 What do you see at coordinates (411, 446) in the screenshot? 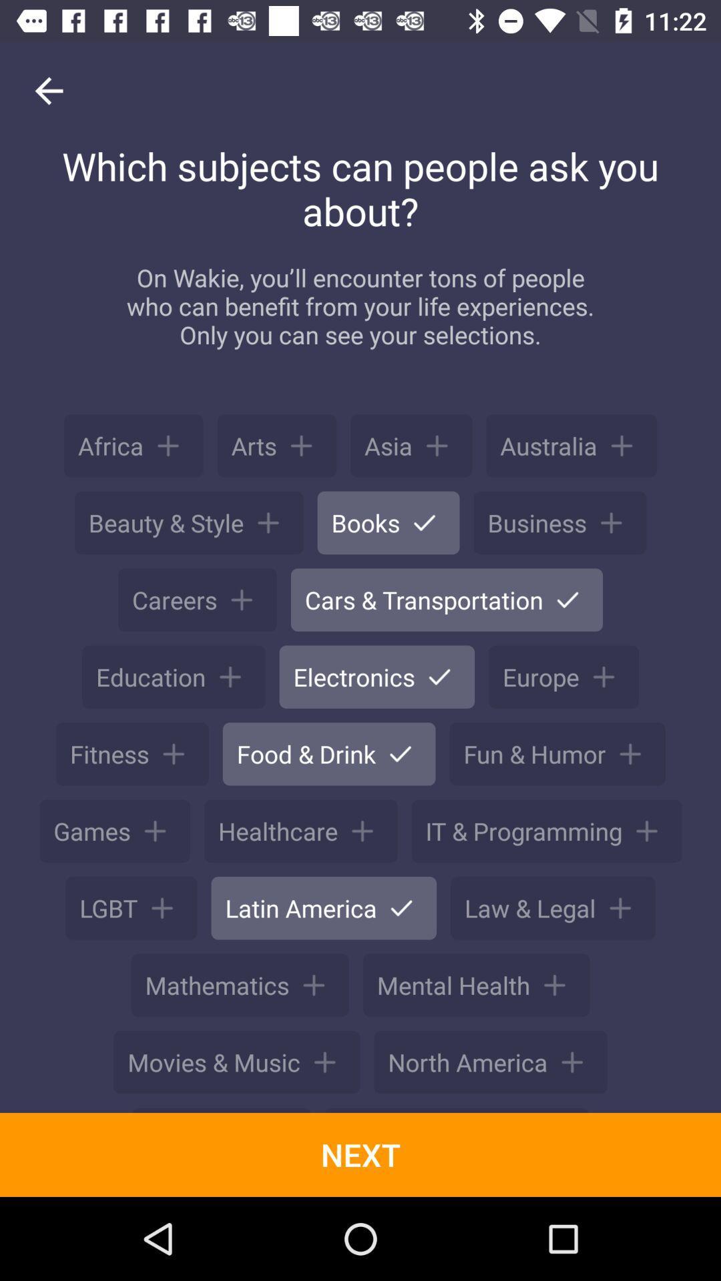
I see `the button above books` at bounding box center [411, 446].